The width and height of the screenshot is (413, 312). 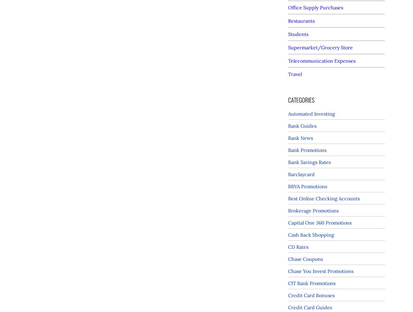 I want to click on 'Chase Coupons', so click(x=305, y=259).